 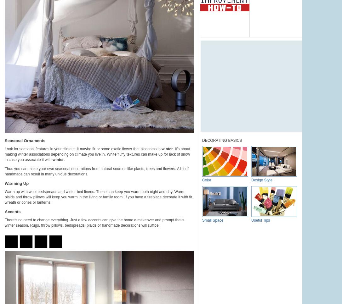 What do you see at coordinates (4, 183) in the screenshot?
I see `'Warming Up'` at bounding box center [4, 183].